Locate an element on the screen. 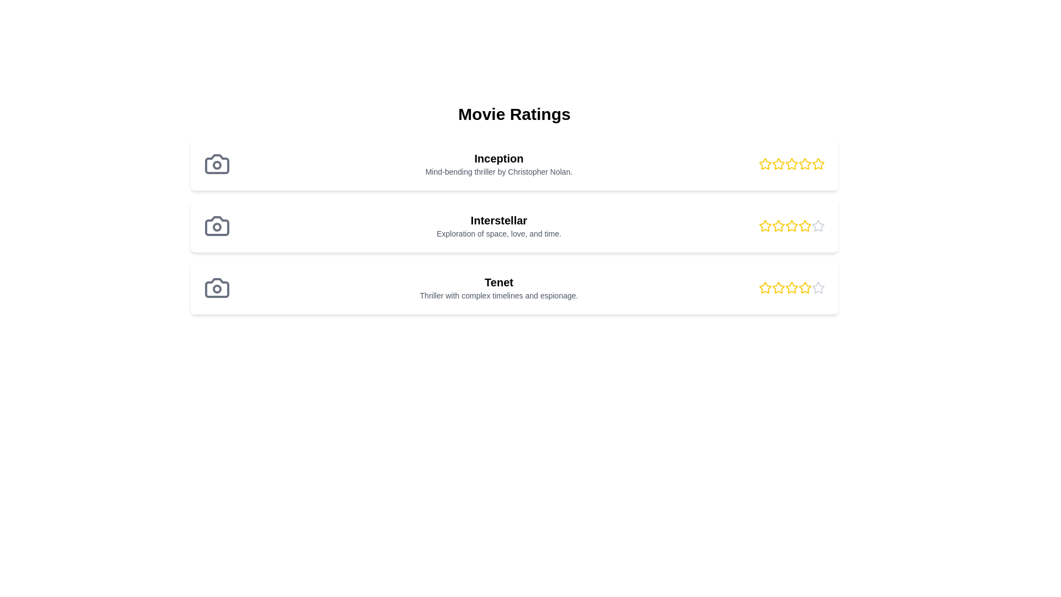  the third star icon in the five-star rating component to rate the movie 'Interstellar' is located at coordinates (778, 225).